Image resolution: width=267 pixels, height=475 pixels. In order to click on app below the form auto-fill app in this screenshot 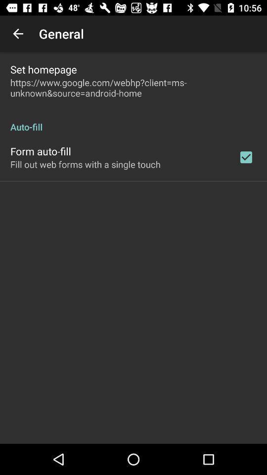, I will do `click(85, 164)`.